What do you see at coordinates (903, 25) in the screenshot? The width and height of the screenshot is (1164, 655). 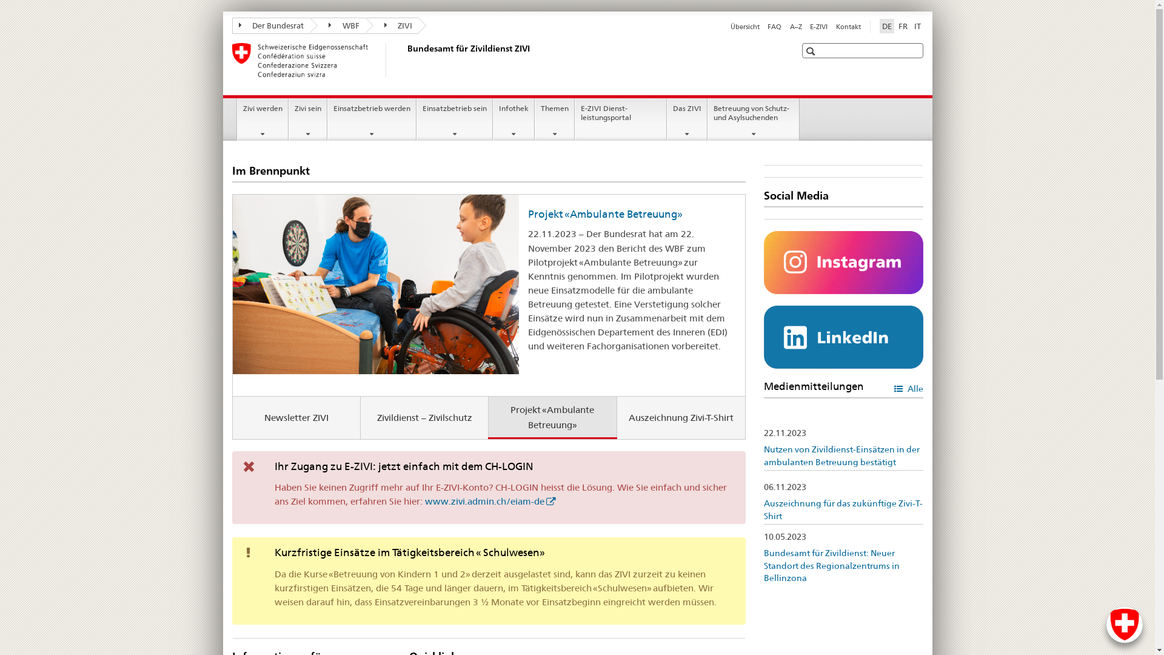 I see `'FR'` at bounding box center [903, 25].